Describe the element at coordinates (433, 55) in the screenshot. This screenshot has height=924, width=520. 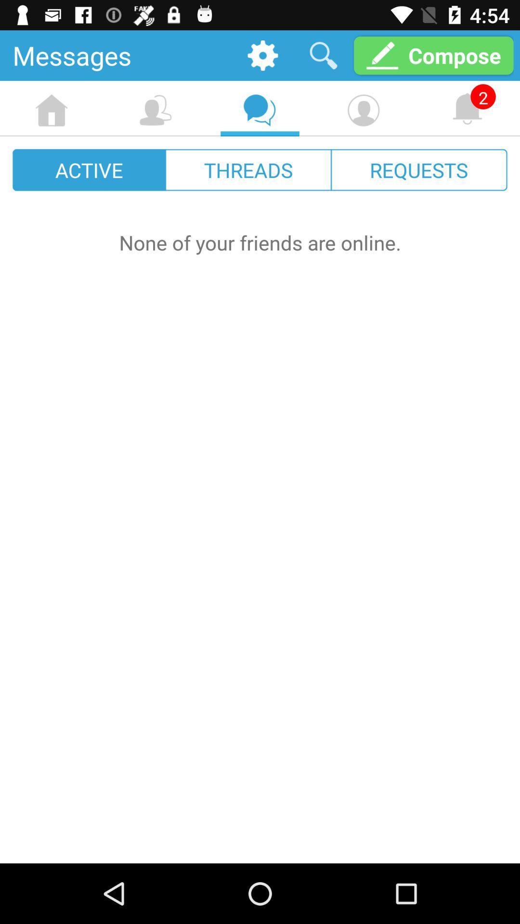
I see `the compose item` at that location.